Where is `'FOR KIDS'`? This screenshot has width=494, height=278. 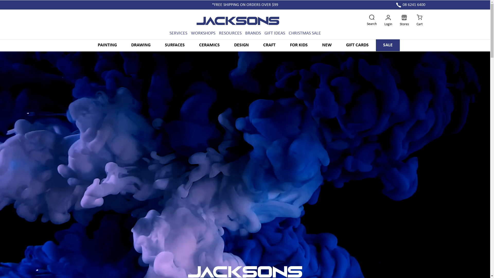
'FOR KIDS' is located at coordinates (282, 45).